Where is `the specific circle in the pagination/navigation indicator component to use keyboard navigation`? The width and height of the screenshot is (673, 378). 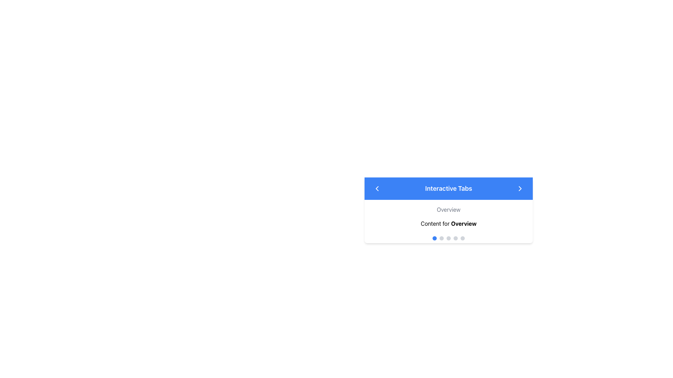
the specific circle in the pagination/navigation indicator component to use keyboard navigation is located at coordinates (449, 238).